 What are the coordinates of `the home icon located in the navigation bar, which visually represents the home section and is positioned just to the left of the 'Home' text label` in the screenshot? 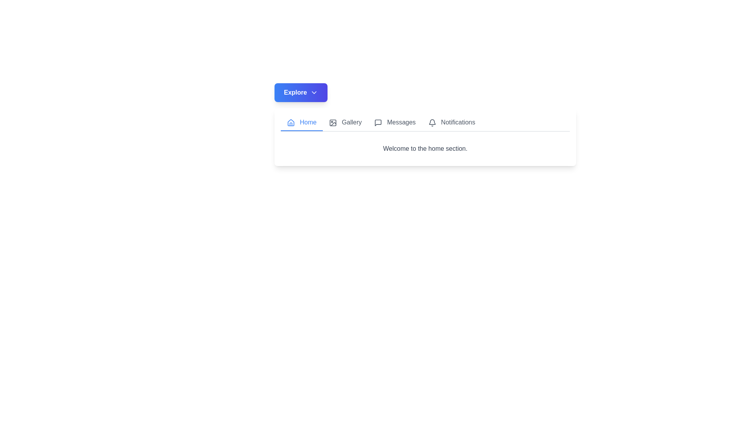 It's located at (290, 122).